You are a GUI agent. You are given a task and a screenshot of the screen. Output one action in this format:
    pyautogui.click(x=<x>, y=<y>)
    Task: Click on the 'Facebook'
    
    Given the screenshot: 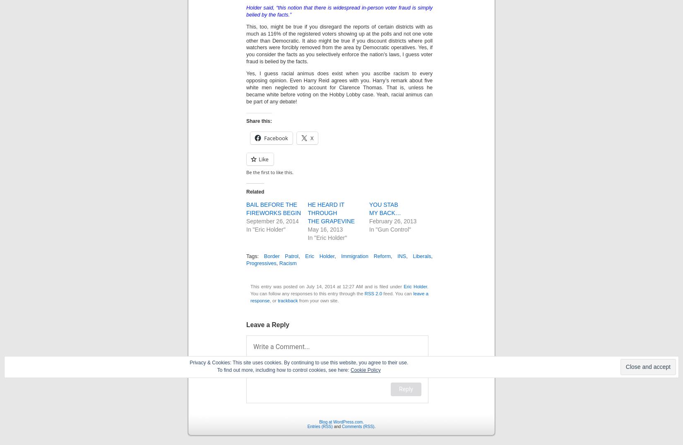 What is the action you would take?
    pyautogui.click(x=275, y=138)
    